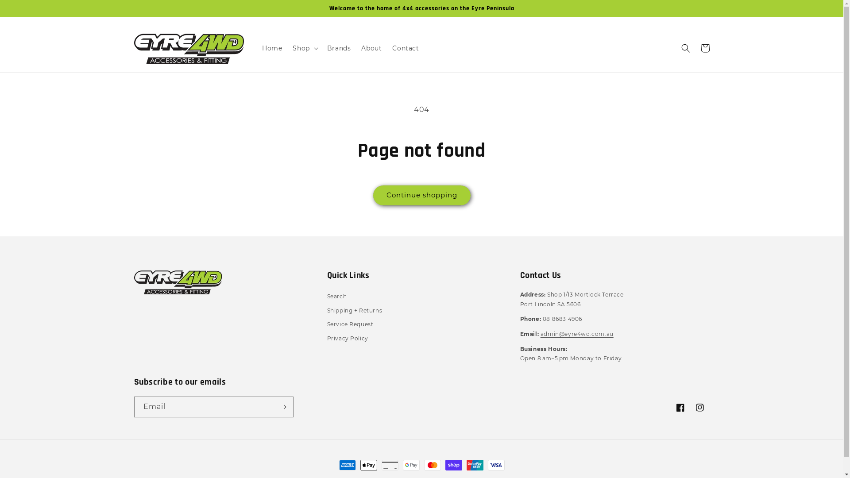  Describe the element at coordinates (680, 408) in the screenshot. I see `'Facebook'` at that location.